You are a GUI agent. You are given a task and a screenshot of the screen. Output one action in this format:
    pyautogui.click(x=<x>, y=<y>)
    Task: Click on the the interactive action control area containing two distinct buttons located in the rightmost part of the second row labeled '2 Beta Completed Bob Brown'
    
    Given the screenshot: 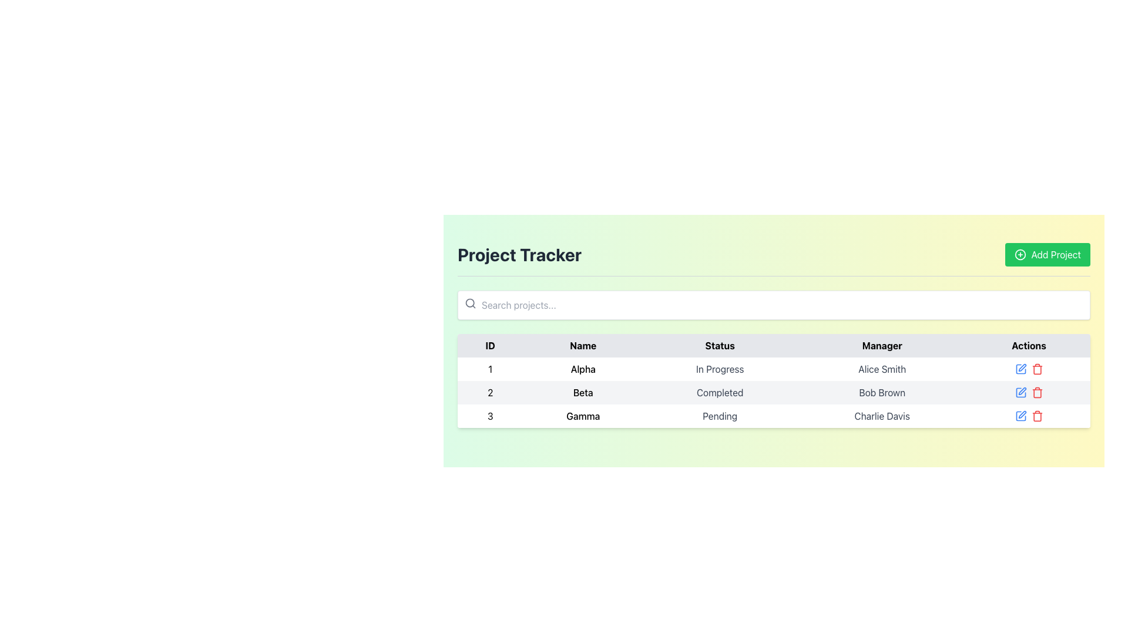 What is the action you would take?
    pyautogui.click(x=1028, y=392)
    